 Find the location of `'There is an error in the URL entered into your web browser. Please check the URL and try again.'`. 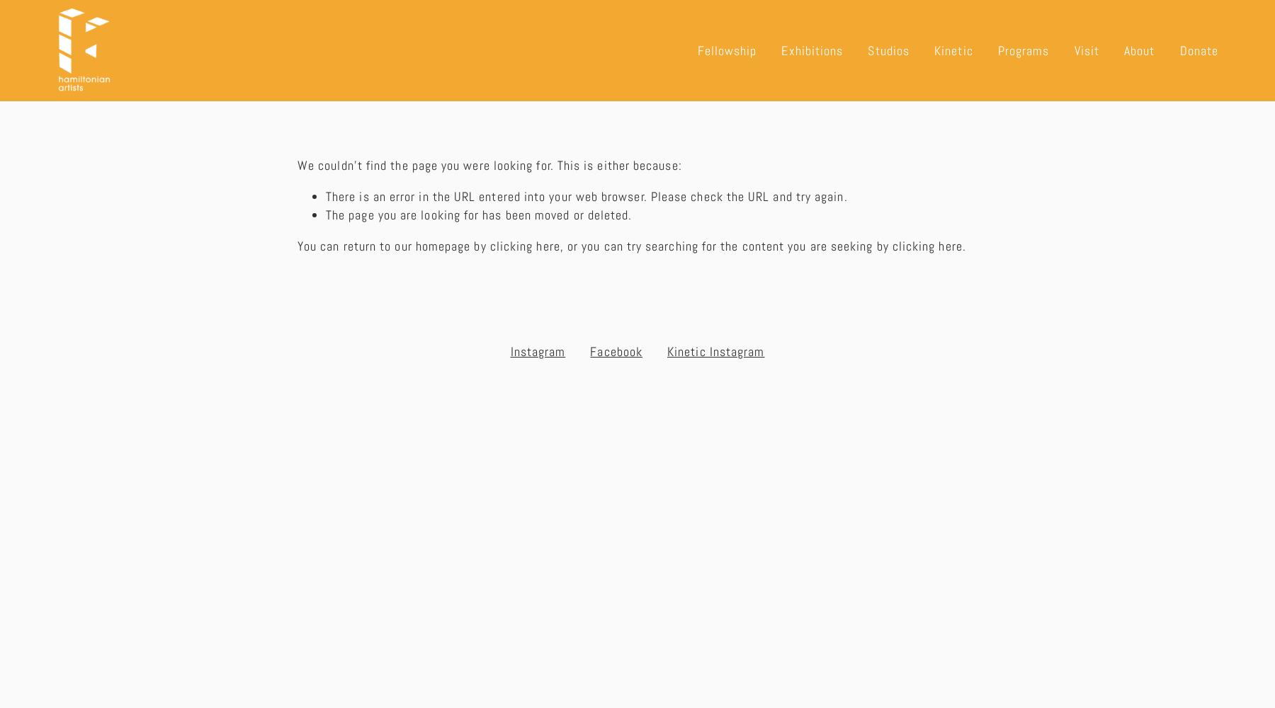

'There is an error in the URL entered into your web browser. Please check the URL and try again.' is located at coordinates (586, 195).